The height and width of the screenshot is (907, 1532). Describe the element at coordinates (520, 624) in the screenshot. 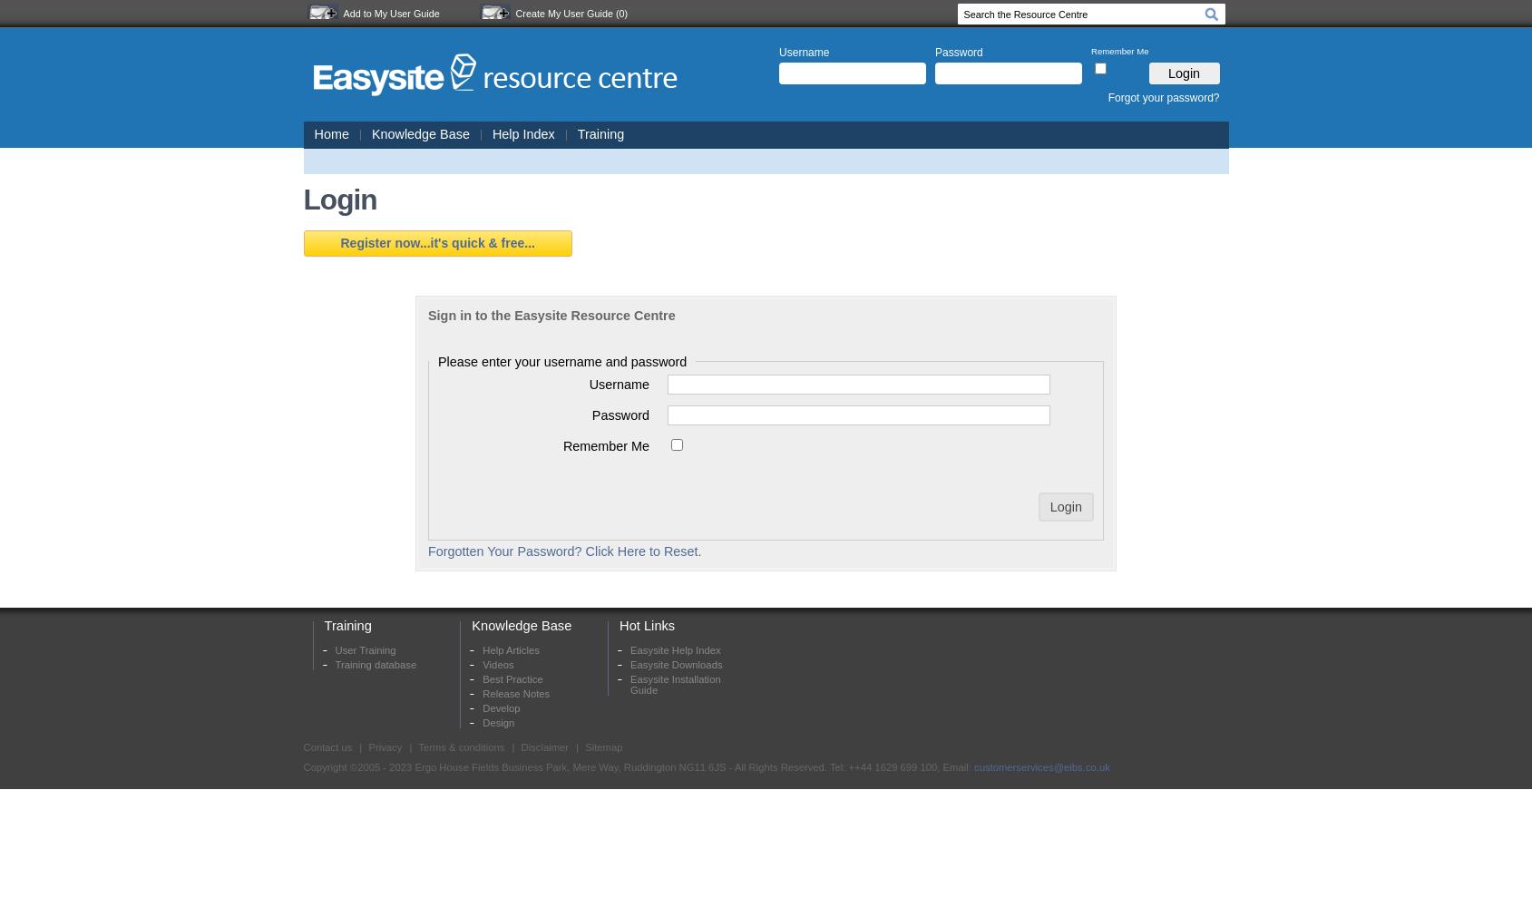

I see `'Knowledge Base'` at that location.